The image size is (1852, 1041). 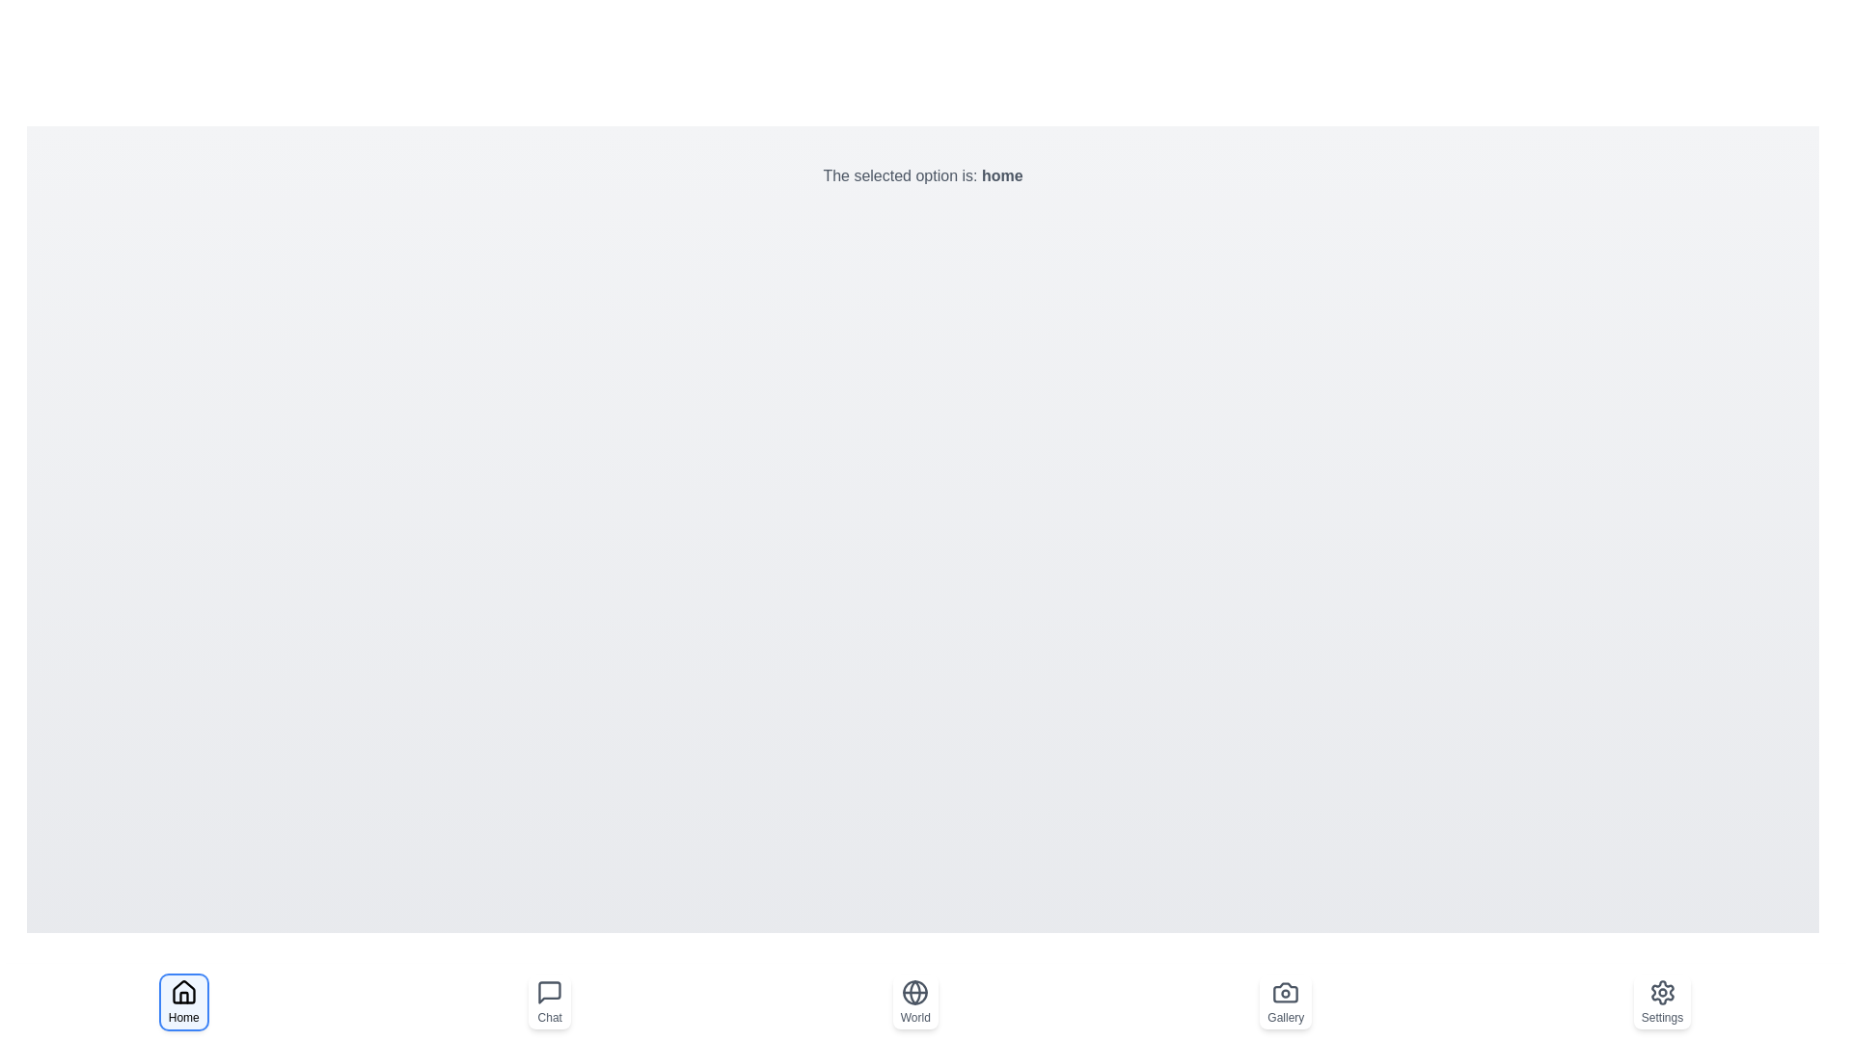 What do you see at coordinates (549, 1001) in the screenshot?
I see `the button labeled Chat to observe the hover effect` at bounding box center [549, 1001].